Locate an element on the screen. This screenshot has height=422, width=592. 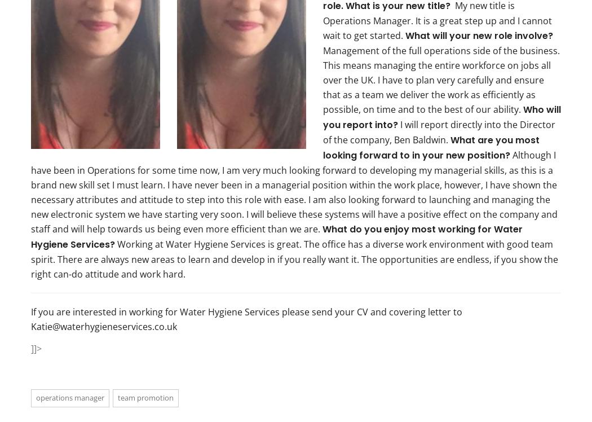
'I will report directly into the Director of the company, Ben Baldwin.' is located at coordinates (322, 131).